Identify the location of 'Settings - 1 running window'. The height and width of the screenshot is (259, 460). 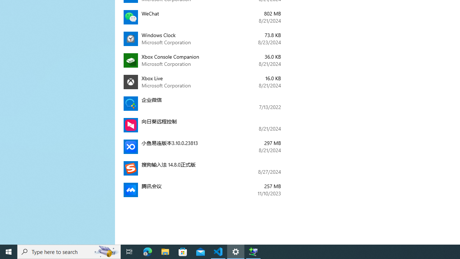
(236, 251).